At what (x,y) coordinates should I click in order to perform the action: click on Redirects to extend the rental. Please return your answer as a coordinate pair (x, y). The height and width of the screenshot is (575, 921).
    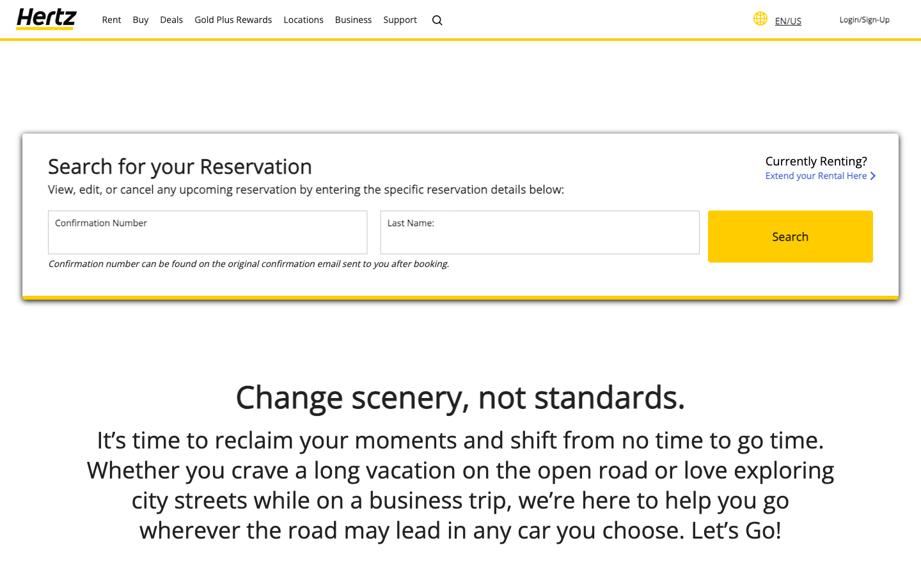
    Looking at the image, I should click on (819, 167).